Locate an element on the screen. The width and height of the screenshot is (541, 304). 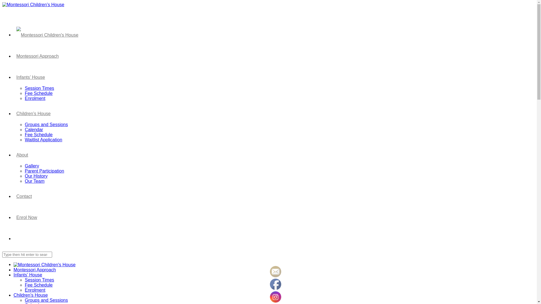
'Contact' is located at coordinates (24, 195).